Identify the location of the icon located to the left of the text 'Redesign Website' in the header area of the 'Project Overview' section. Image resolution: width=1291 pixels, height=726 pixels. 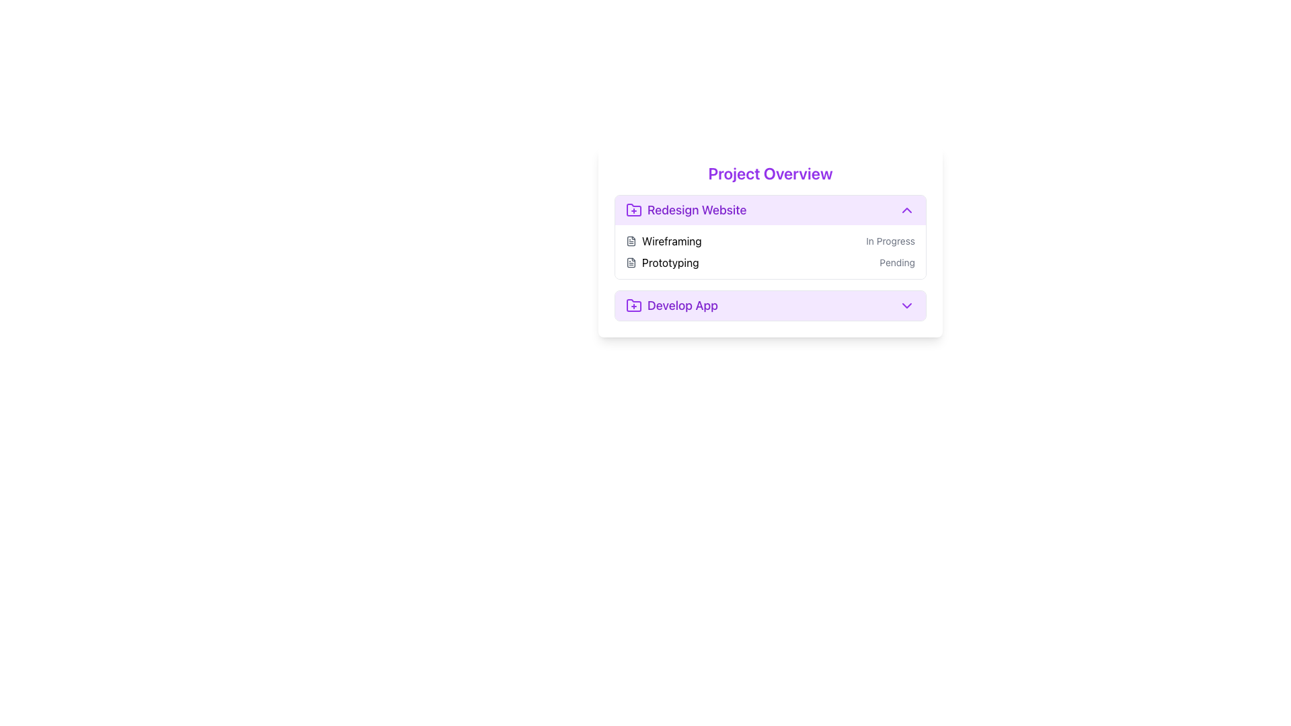
(633, 210).